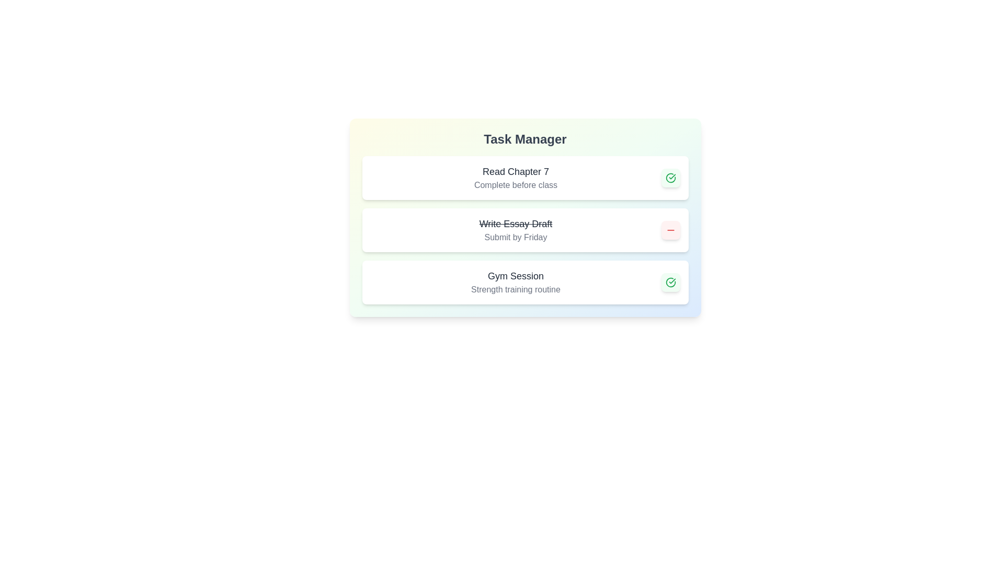 The height and width of the screenshot is (564, 1004). What do you see at coordinates (670, 177) in the screenshot?
I see `toggle button for the task identified by Read Chapter 7` at bounding box center [670, 177].